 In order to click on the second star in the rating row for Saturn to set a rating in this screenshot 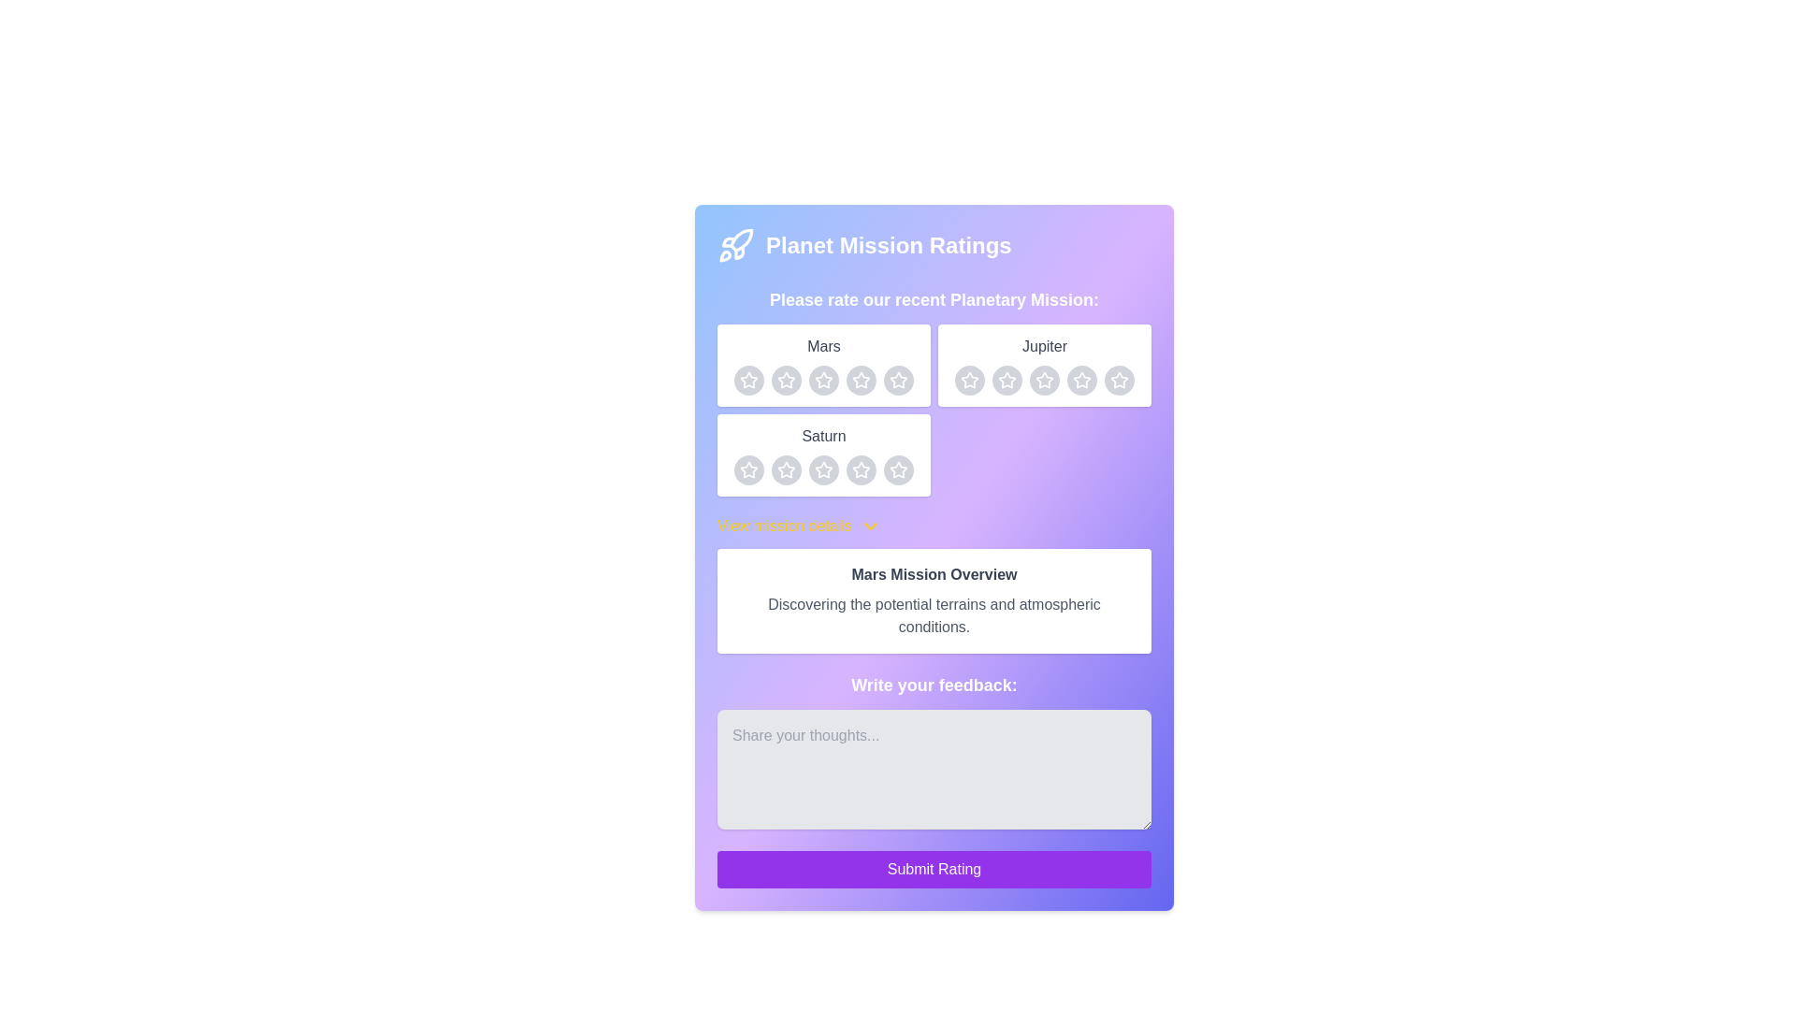, I will do `click(786, 469)`.